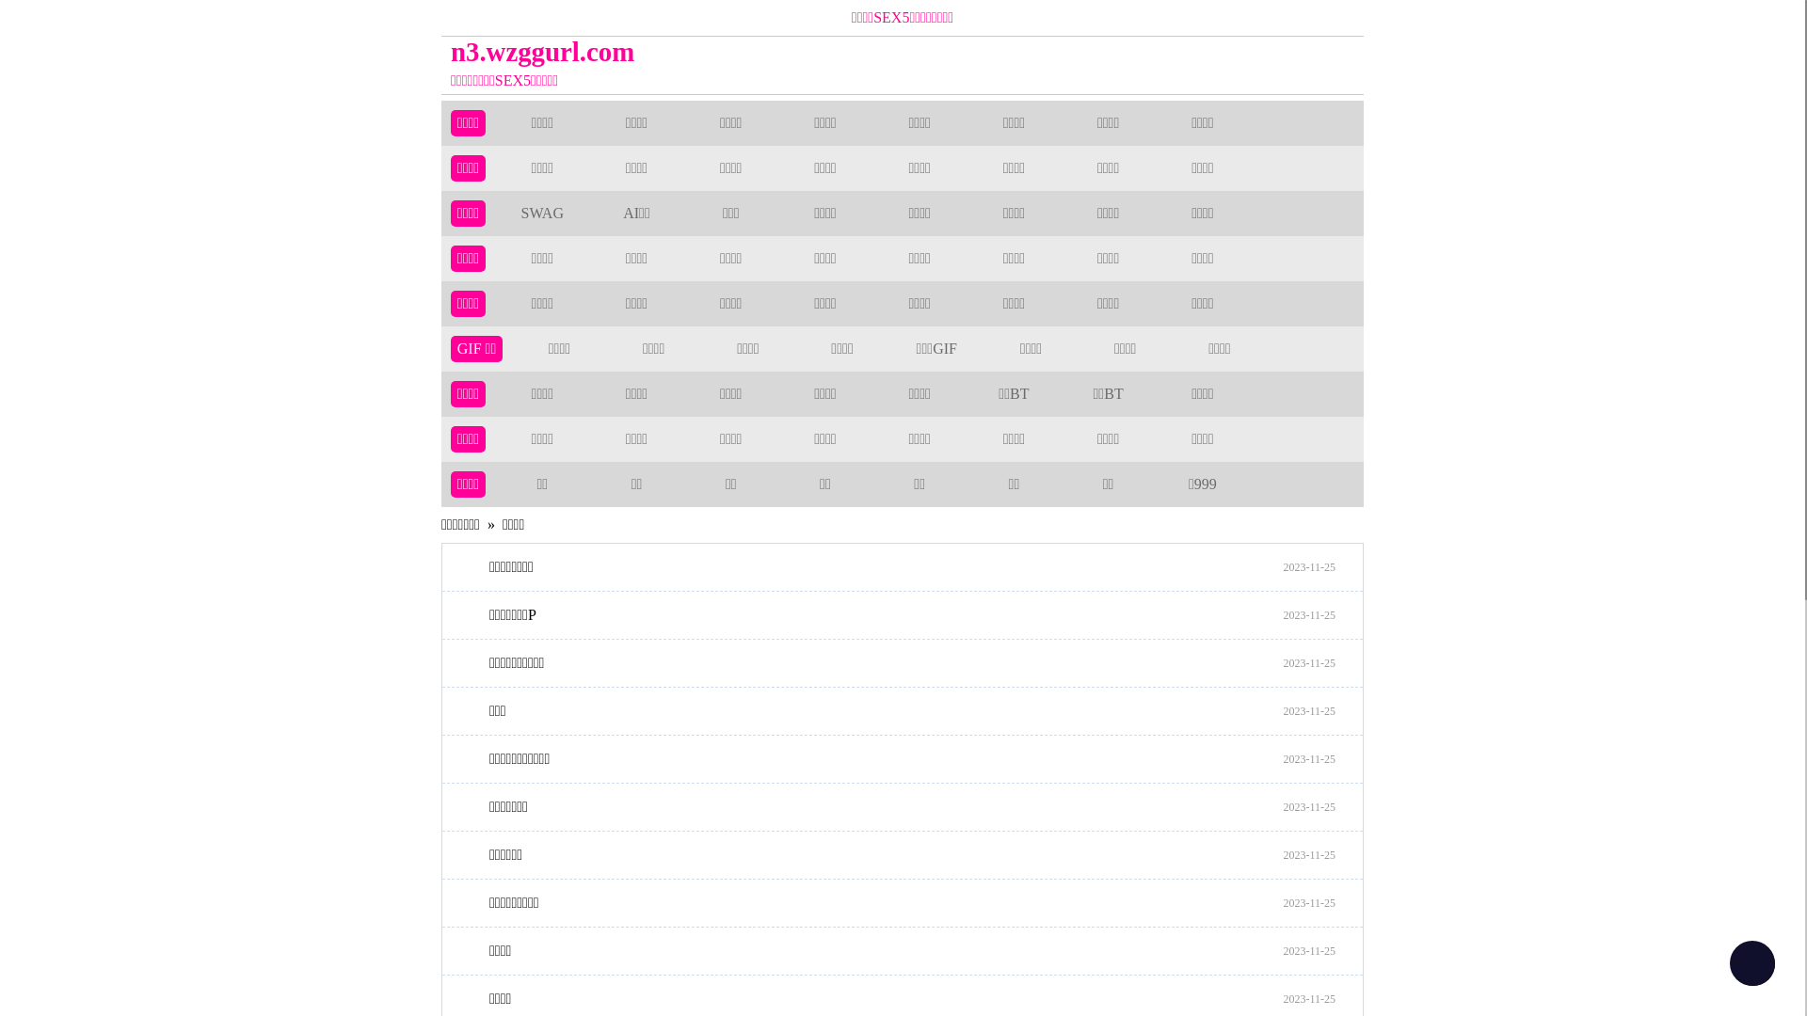 This screenshot has height=1016, width=1807. I want to click on 'n3.wzggurl.com', so click(787, 51).